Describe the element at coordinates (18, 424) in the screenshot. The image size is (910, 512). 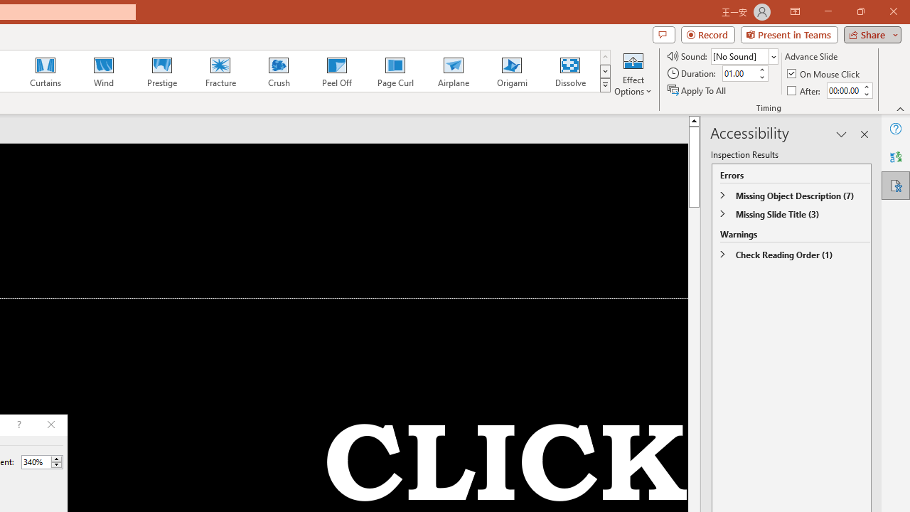
I see `'Context help'` at that location.